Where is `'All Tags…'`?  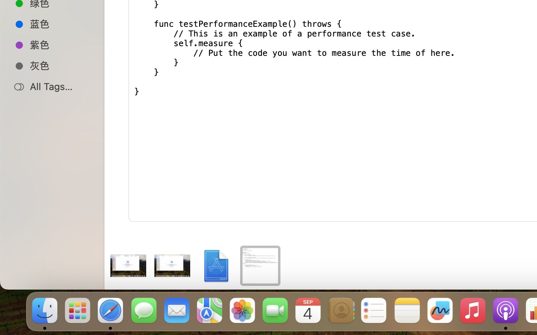
'All Tags…' is located at coordinates (59, 86).